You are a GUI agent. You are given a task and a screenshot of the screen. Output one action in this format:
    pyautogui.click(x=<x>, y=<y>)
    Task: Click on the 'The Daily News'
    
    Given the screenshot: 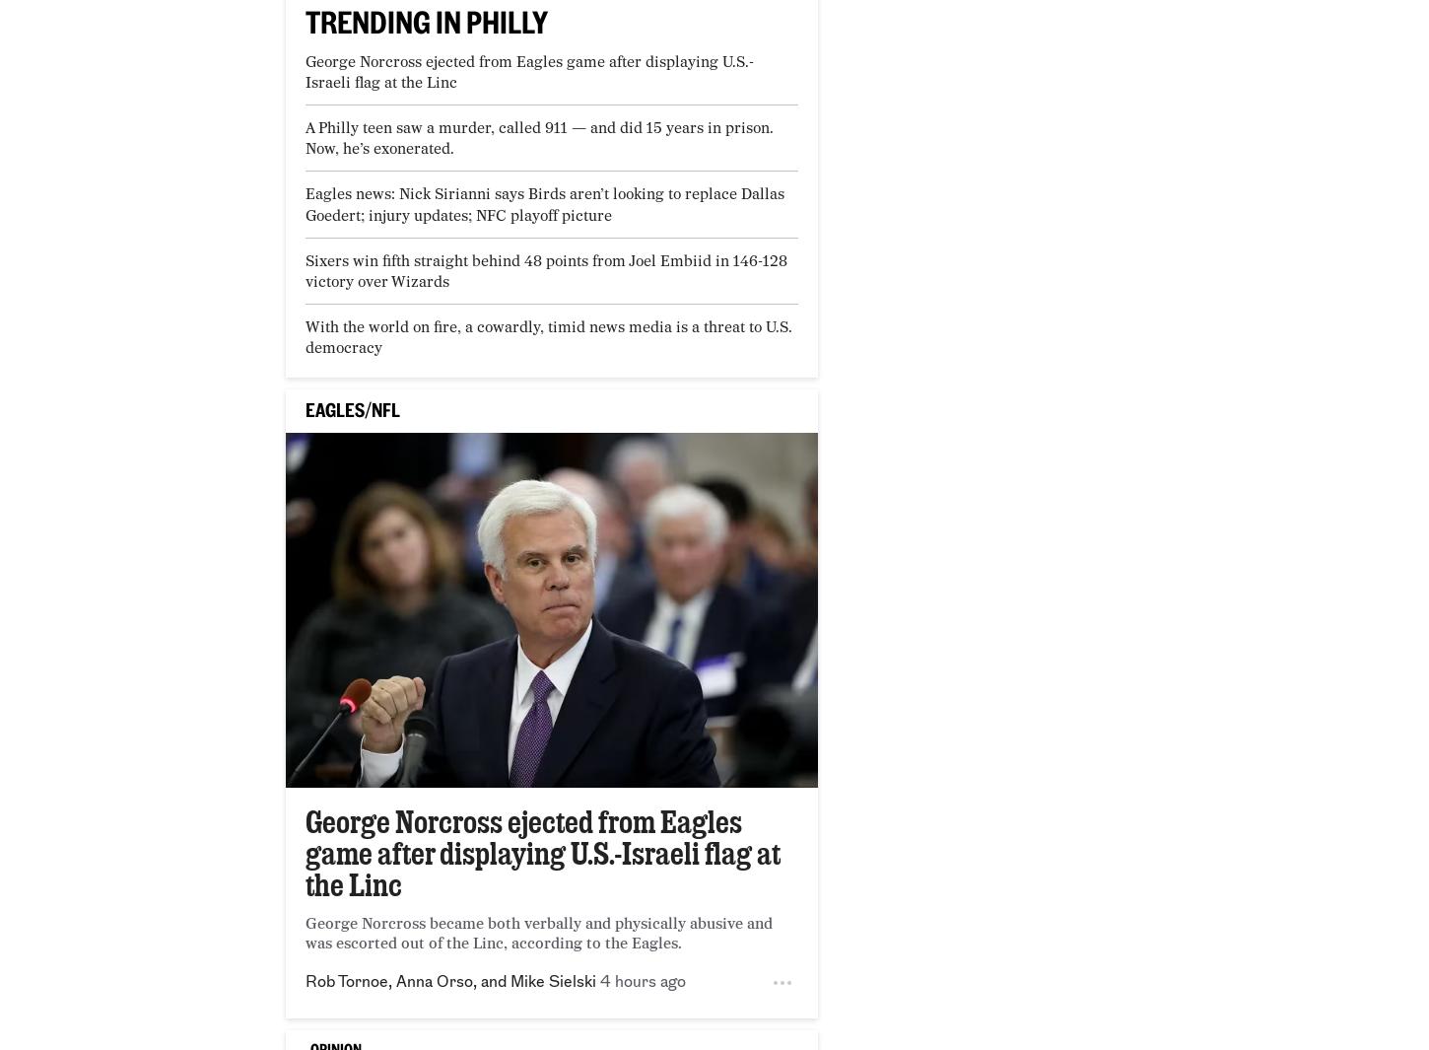 What is the action you would take?
    pyautogui.click(x=1145, y=716)
    